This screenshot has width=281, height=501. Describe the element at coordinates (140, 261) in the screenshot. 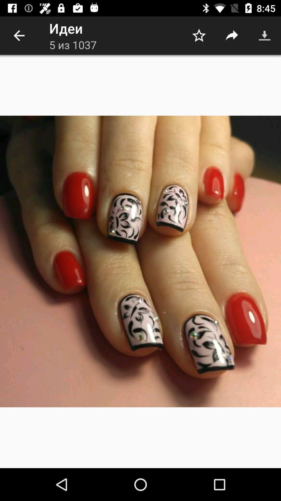

I see `the item at the center` at that location.